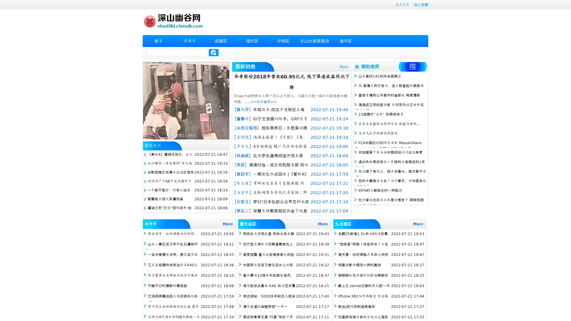  Describe the element at coordinates (214, 52) in the screenshot. I see `Search` at that location.